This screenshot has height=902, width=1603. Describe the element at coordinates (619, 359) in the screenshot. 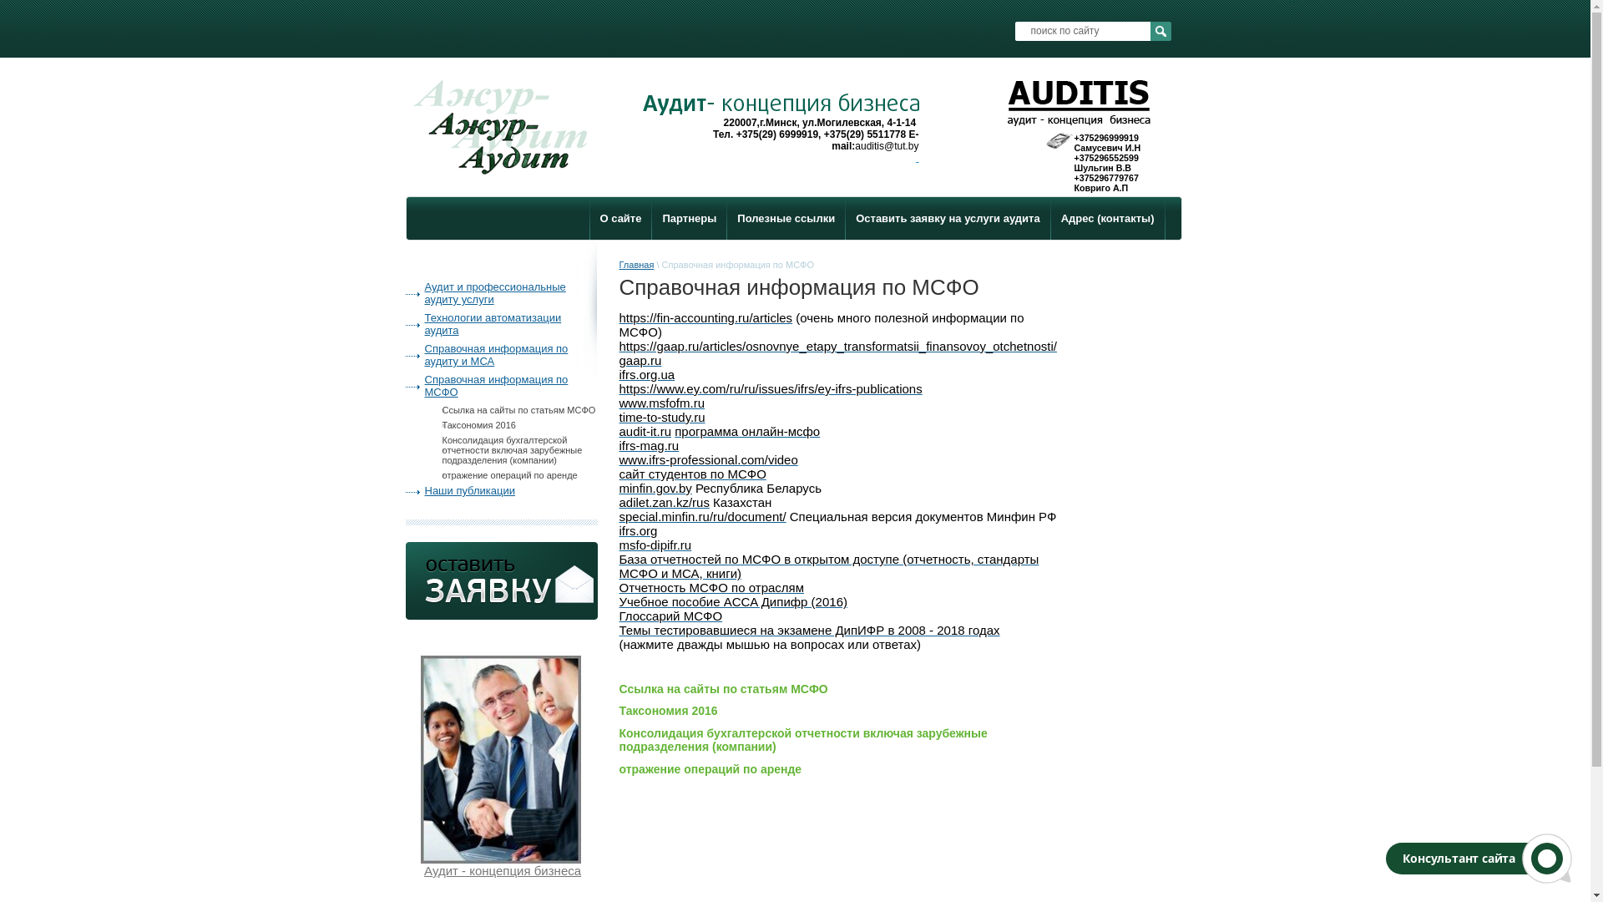

I see `'gaap.ru'` at that location.